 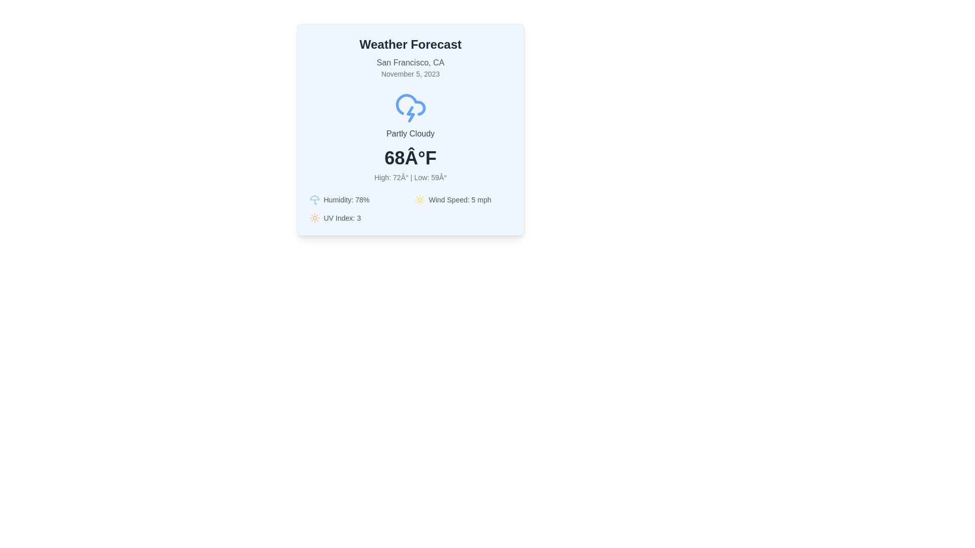 What do you see at coordinates (460, 199) in the screenshot?
I see `the static text display showing 'Wind Speed: 5 mph', located at the bottom-right region of the weather forecast card, to the right of the UV index information` at bounding box center [460, 199].